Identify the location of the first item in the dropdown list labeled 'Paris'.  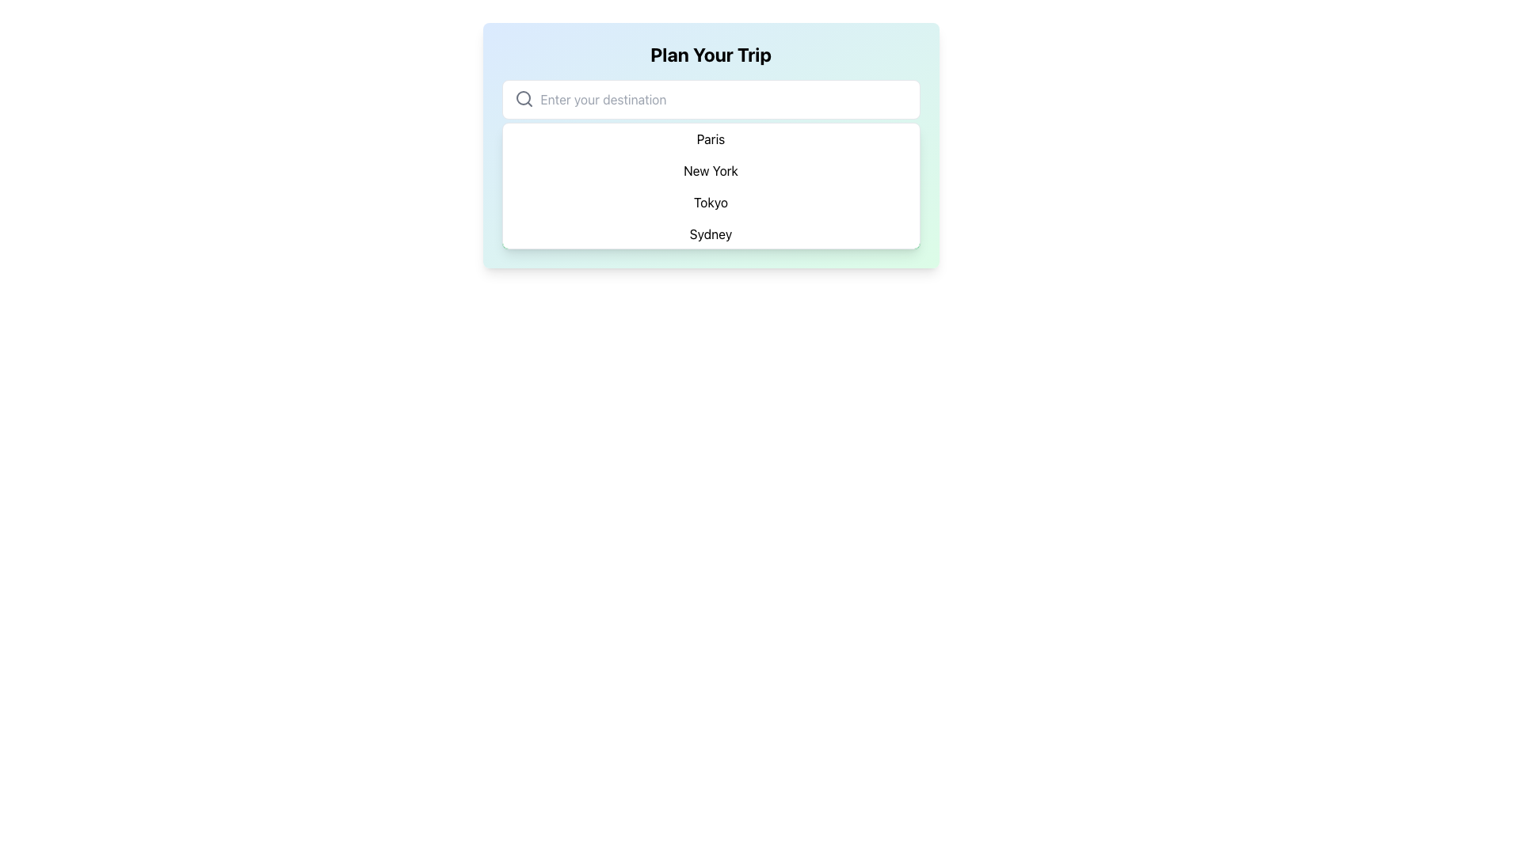
(710, 139).